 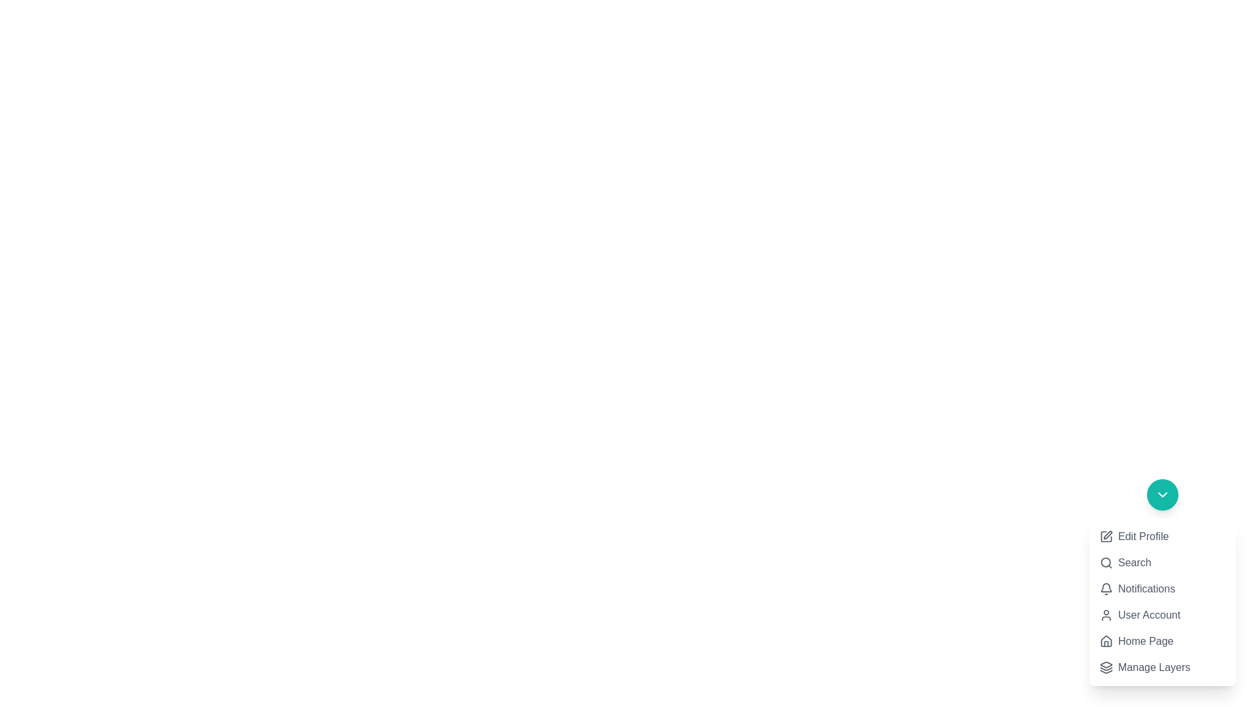 I want to click on the second button in the vertical list menu for accessing search functionality, located directly below 'Edit Profile' and above 'Notifications', so click(x=1124, y=562).